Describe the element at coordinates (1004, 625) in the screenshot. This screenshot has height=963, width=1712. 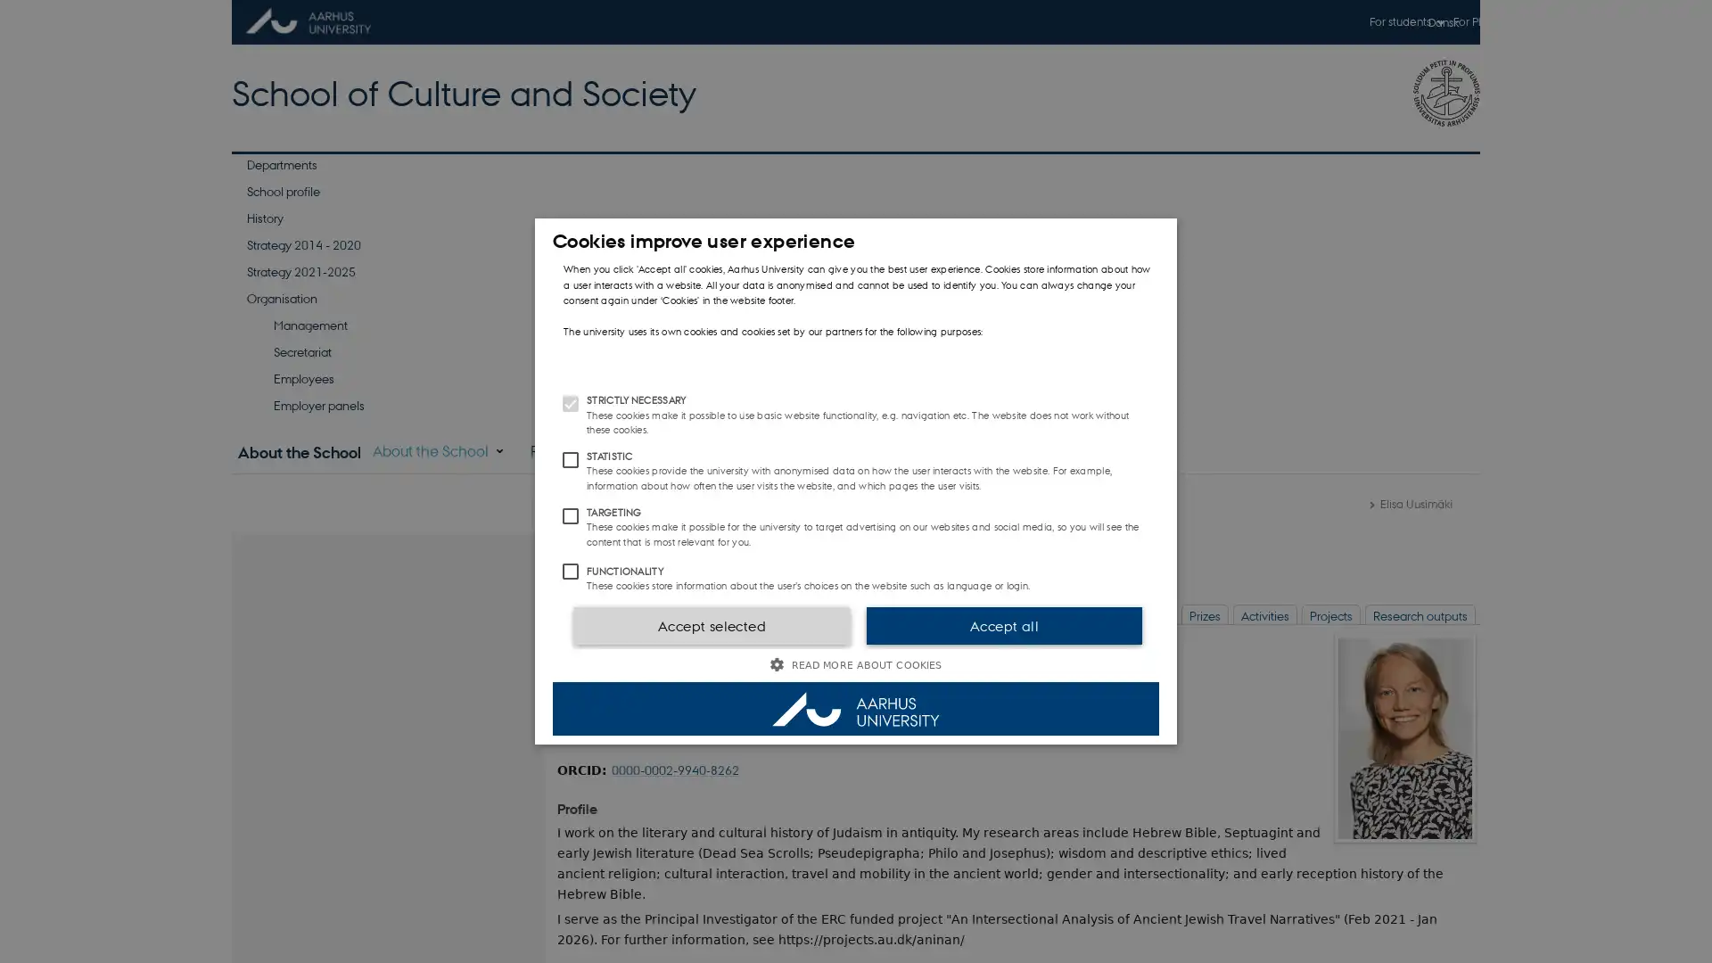
I see `Accept all` at that location.